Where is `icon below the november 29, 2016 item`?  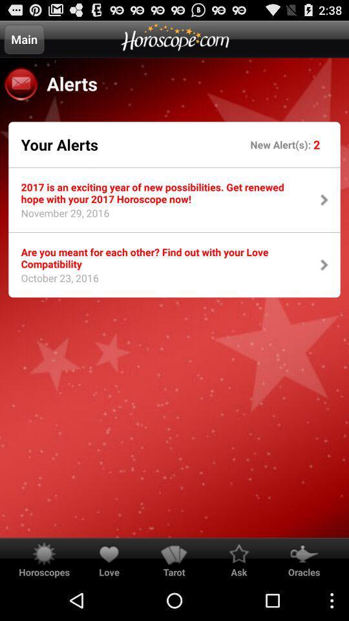 icon below the november 29, 2016 item is located at coordinates (162, 257).